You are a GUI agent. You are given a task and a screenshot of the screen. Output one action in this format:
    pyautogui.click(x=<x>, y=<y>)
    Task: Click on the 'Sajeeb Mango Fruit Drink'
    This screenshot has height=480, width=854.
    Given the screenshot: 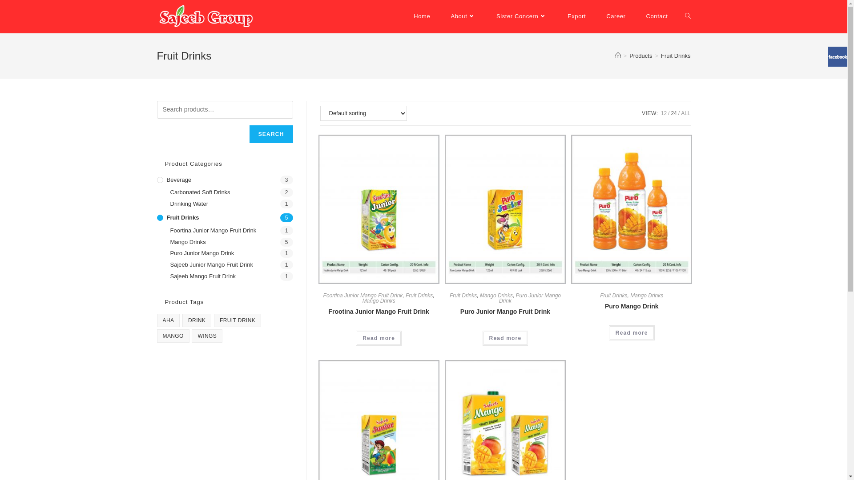 What is the action you would take?
    pyautogui.click(x=231, y=276)
    